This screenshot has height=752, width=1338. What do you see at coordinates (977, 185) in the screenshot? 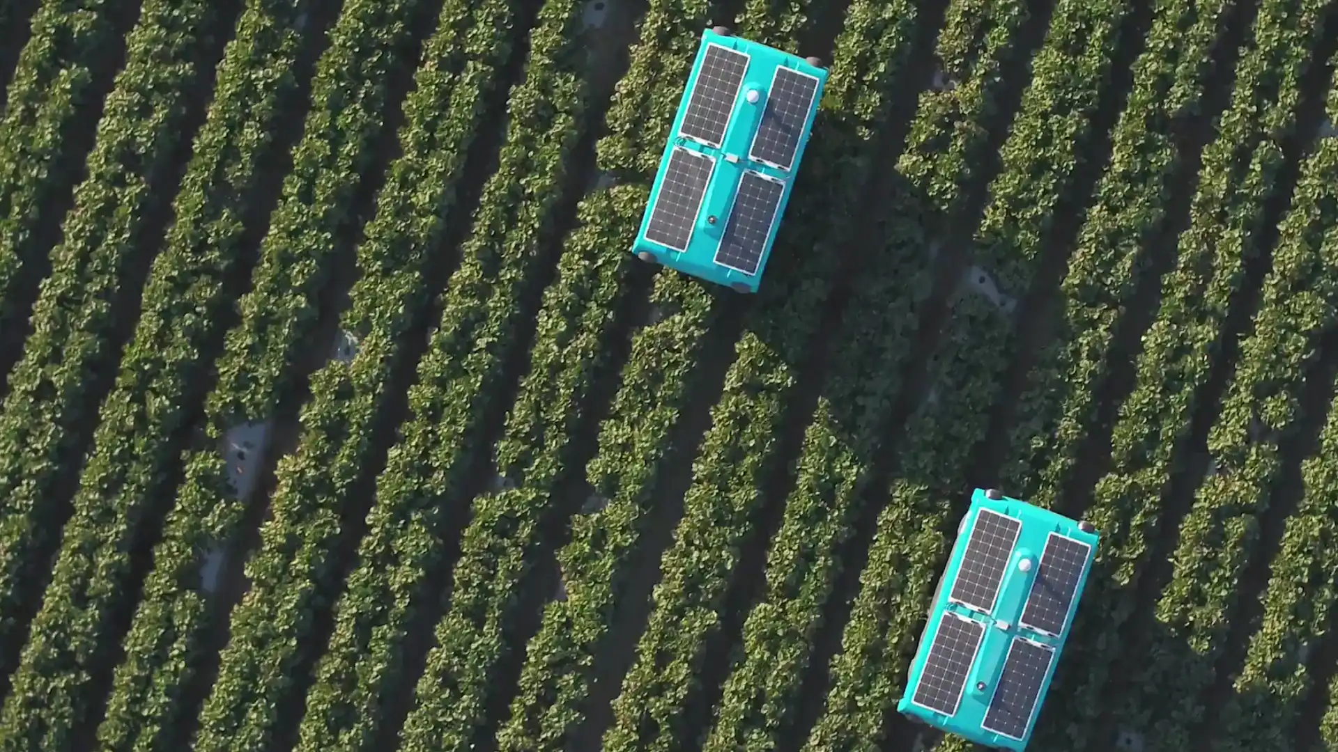
I see `LEARN` at bounding box center [977, 185].